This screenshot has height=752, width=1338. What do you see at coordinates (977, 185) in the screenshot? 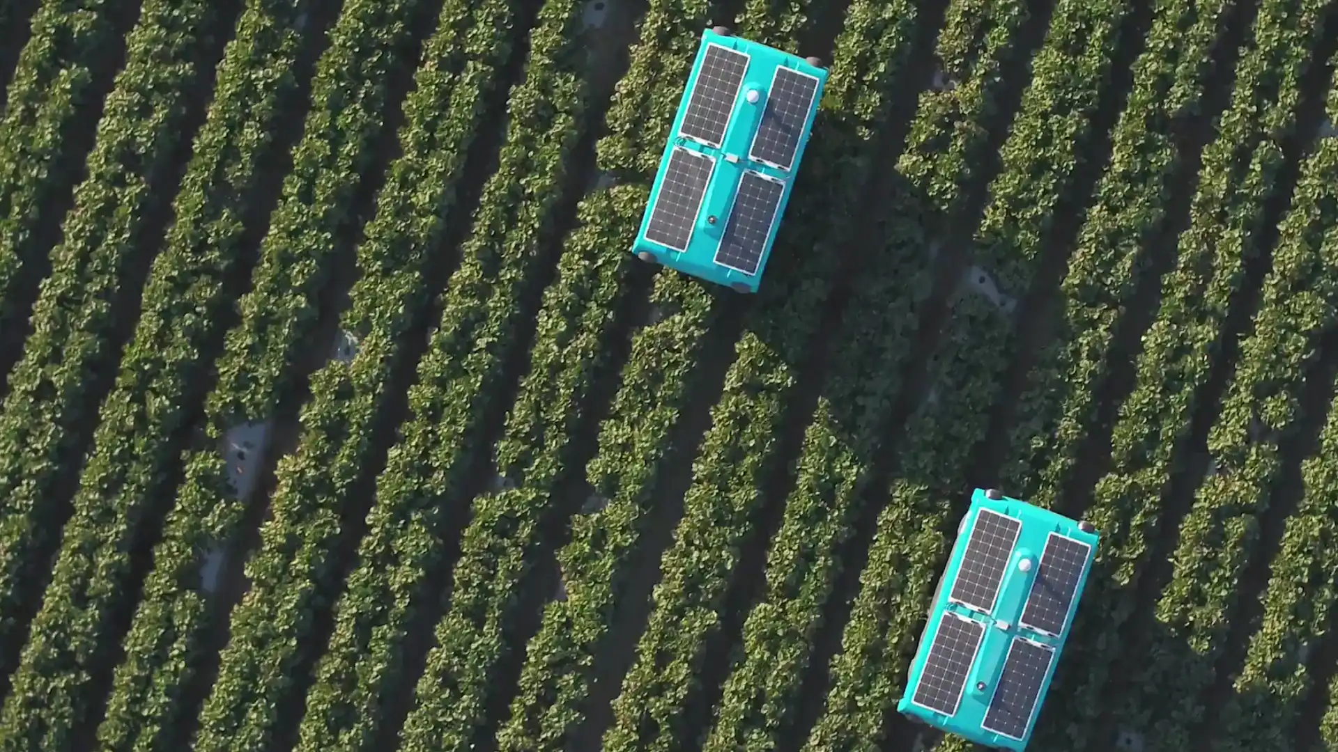
I see `LEARN` at bounding box center [977, 185].